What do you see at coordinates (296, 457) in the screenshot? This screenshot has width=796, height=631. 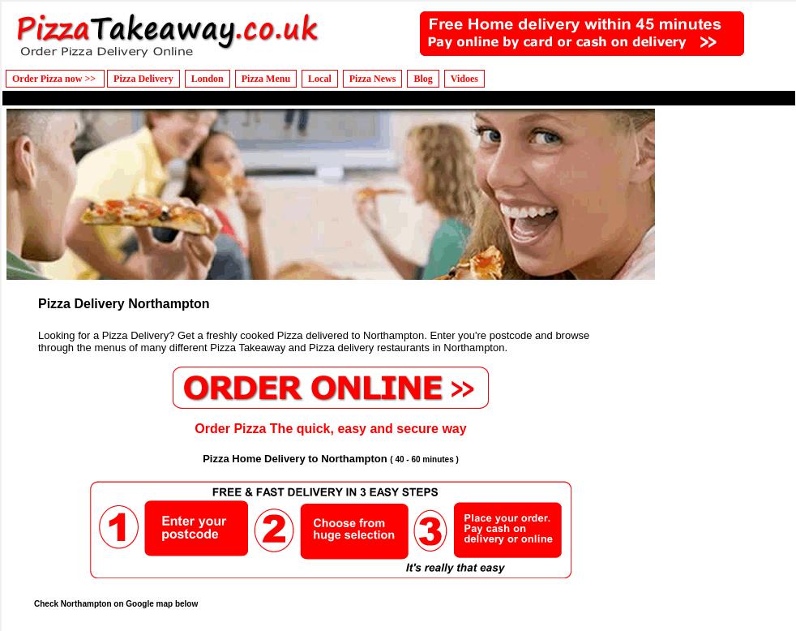 I see `'Pizza Home Delivery to Northampton'` at bounding box center [296, 457].